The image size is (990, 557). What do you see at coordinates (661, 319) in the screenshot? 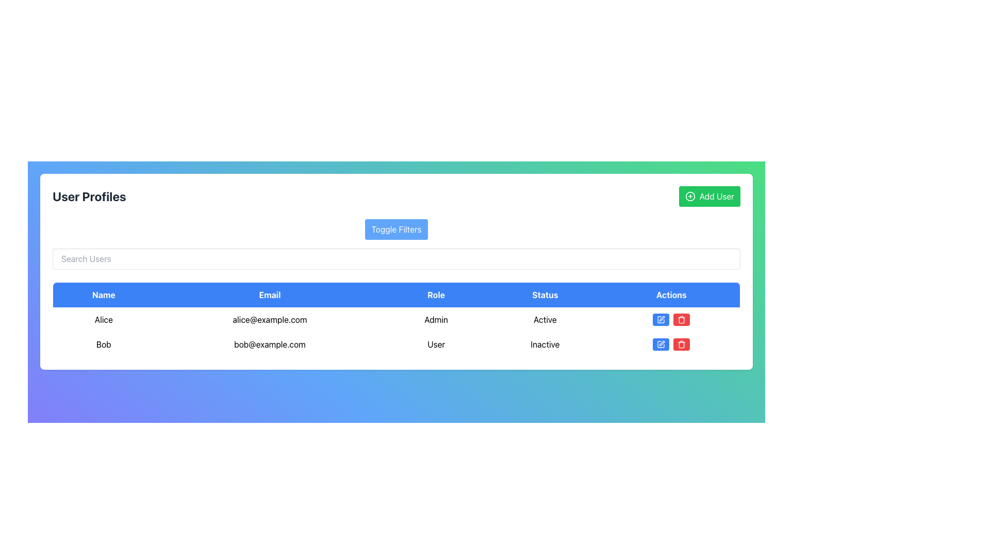
I see `the edit button located in the 'Actions' column of the top row in the data table` at bounding box center [661, 319].